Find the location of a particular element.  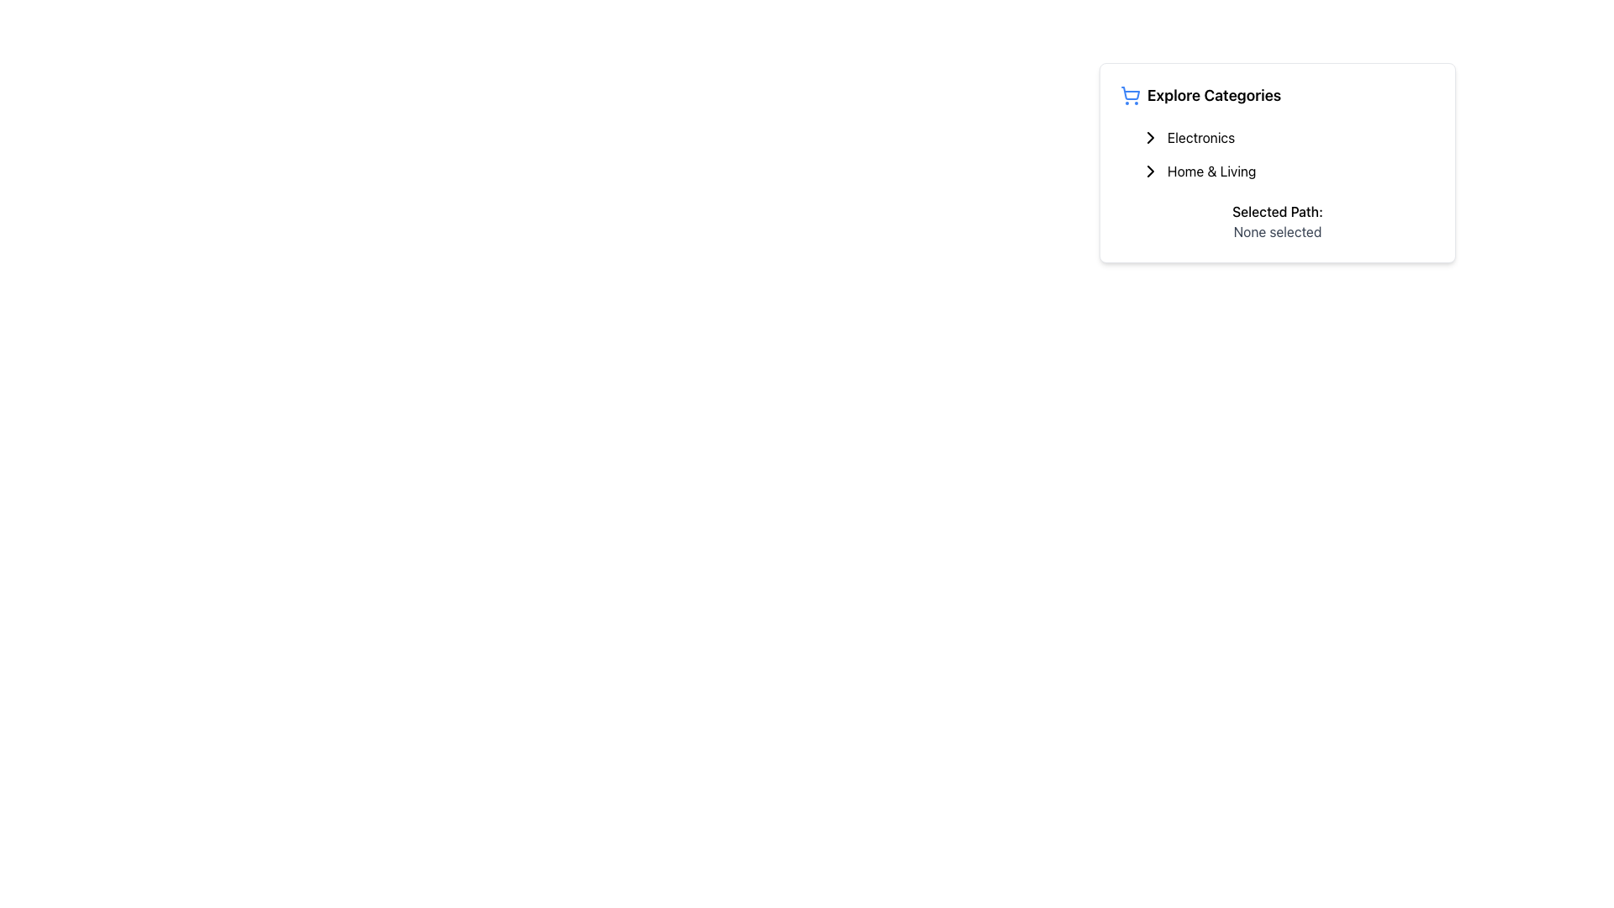

the rightward arrow icon next to the 'Electronics' text in the navigation list is located at coordinates (1149, 137).